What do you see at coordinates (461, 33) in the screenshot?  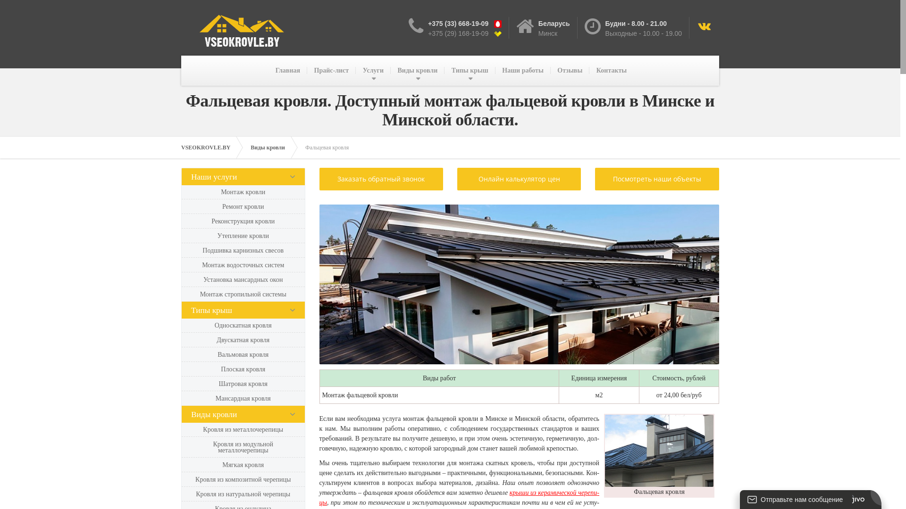 I see `'+375 (29) 168-19-09   '` at bounding box center [461, 33].